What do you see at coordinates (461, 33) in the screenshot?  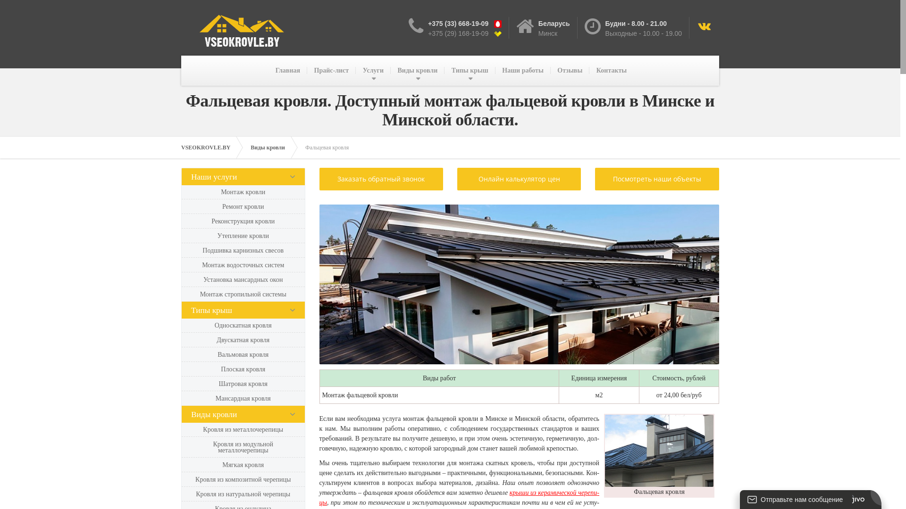 I see `'+375 (29) 168-19-09   '` at bounding box center [461, 33].